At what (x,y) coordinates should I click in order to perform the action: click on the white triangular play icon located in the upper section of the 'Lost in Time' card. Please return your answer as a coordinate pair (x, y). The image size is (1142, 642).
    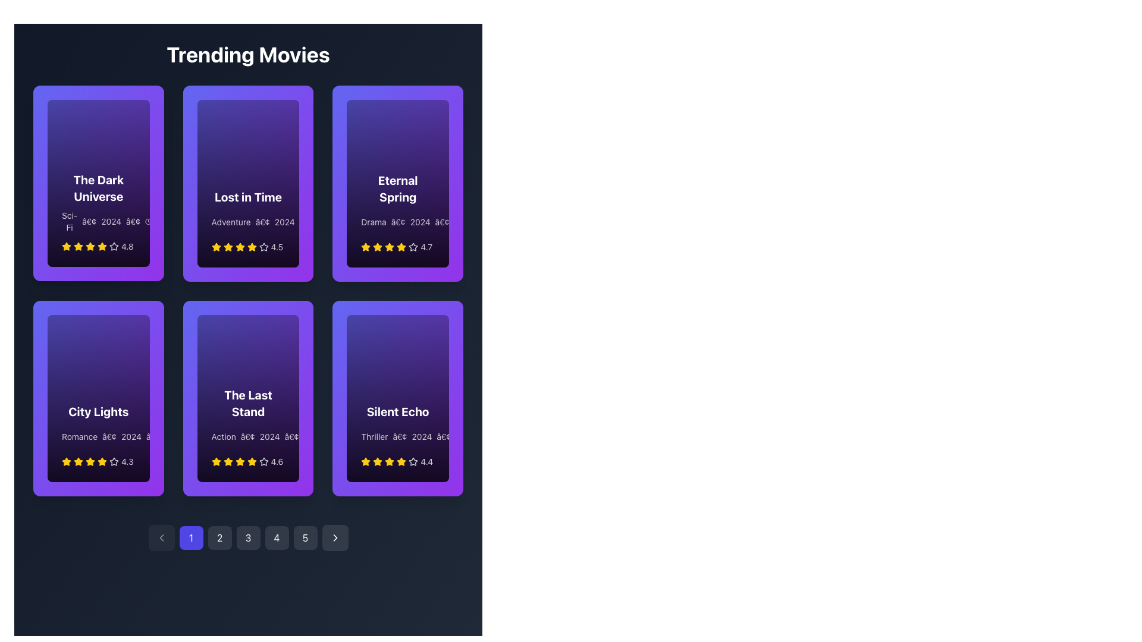
    Looking at the image, I should click on (294, 110).